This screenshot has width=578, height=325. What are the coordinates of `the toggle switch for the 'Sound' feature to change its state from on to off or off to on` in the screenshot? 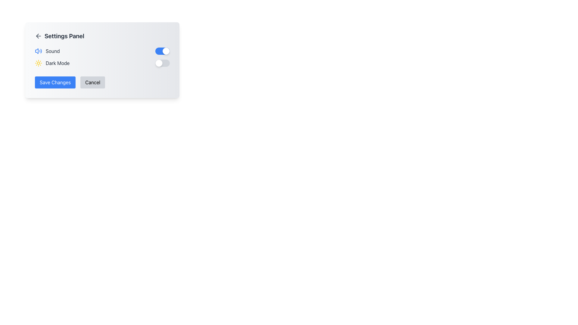 It's located at (162, 51).